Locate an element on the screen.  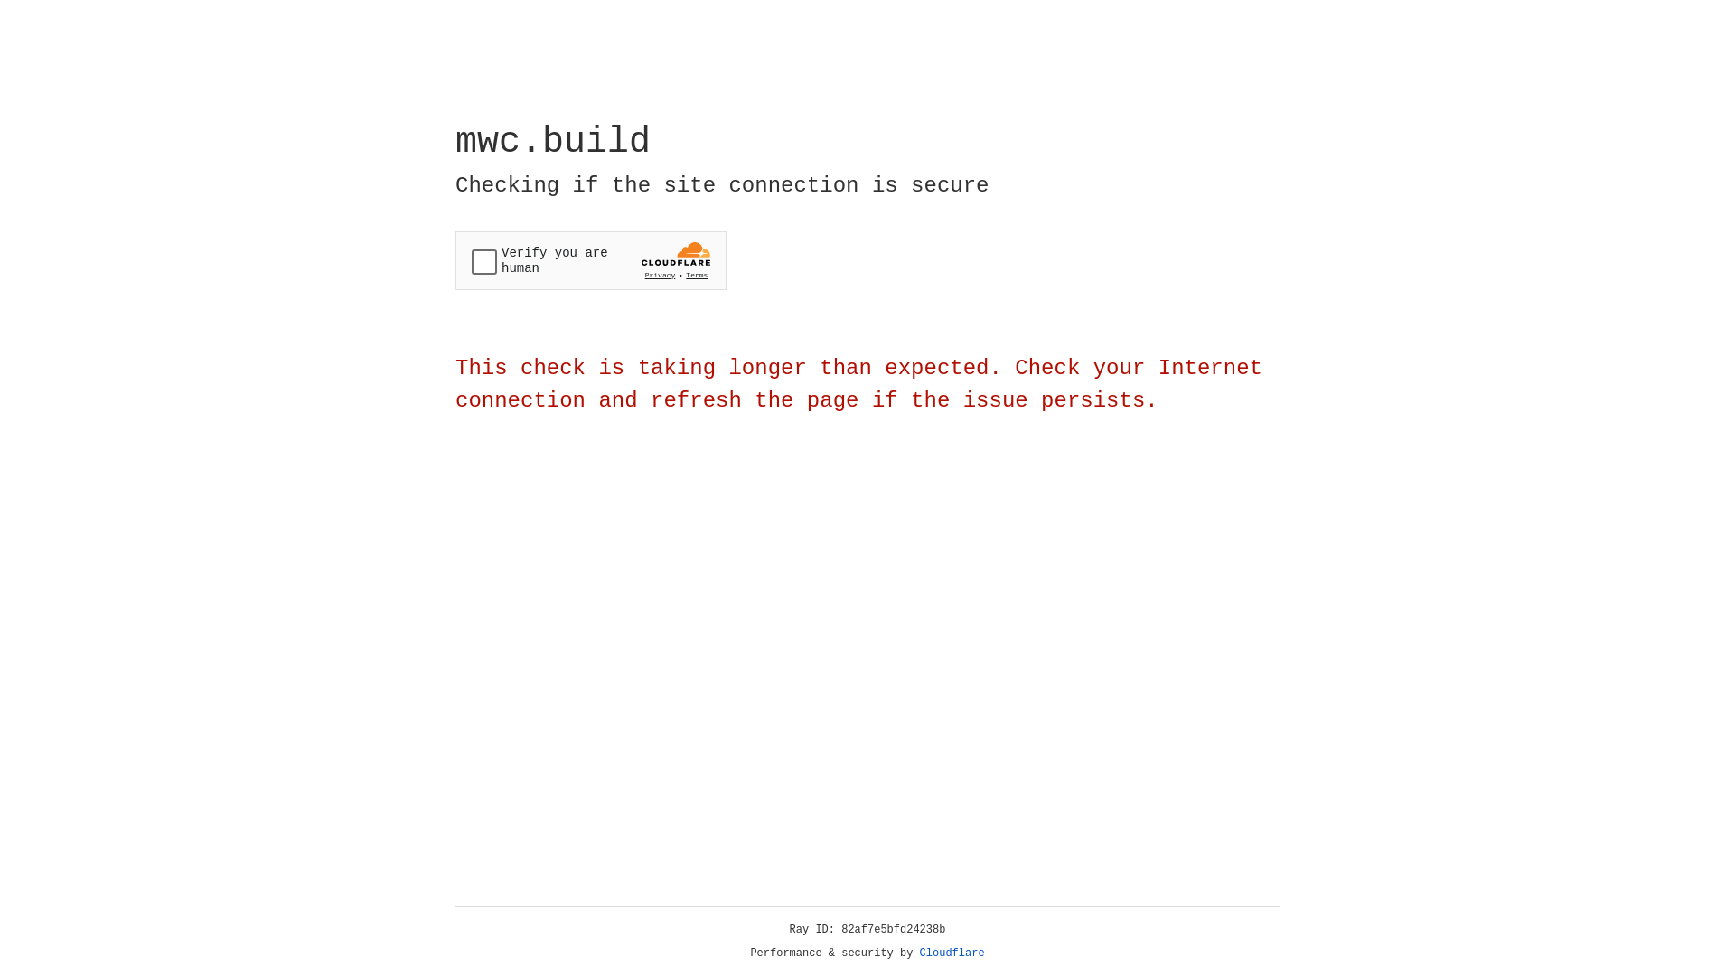
'Widget containing a Cloudflare security challenge' is located at coordinates (590, 260).